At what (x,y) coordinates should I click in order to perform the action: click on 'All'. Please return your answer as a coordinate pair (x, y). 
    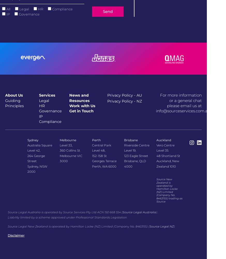
    Looking at the image, I should click on (8, 9).